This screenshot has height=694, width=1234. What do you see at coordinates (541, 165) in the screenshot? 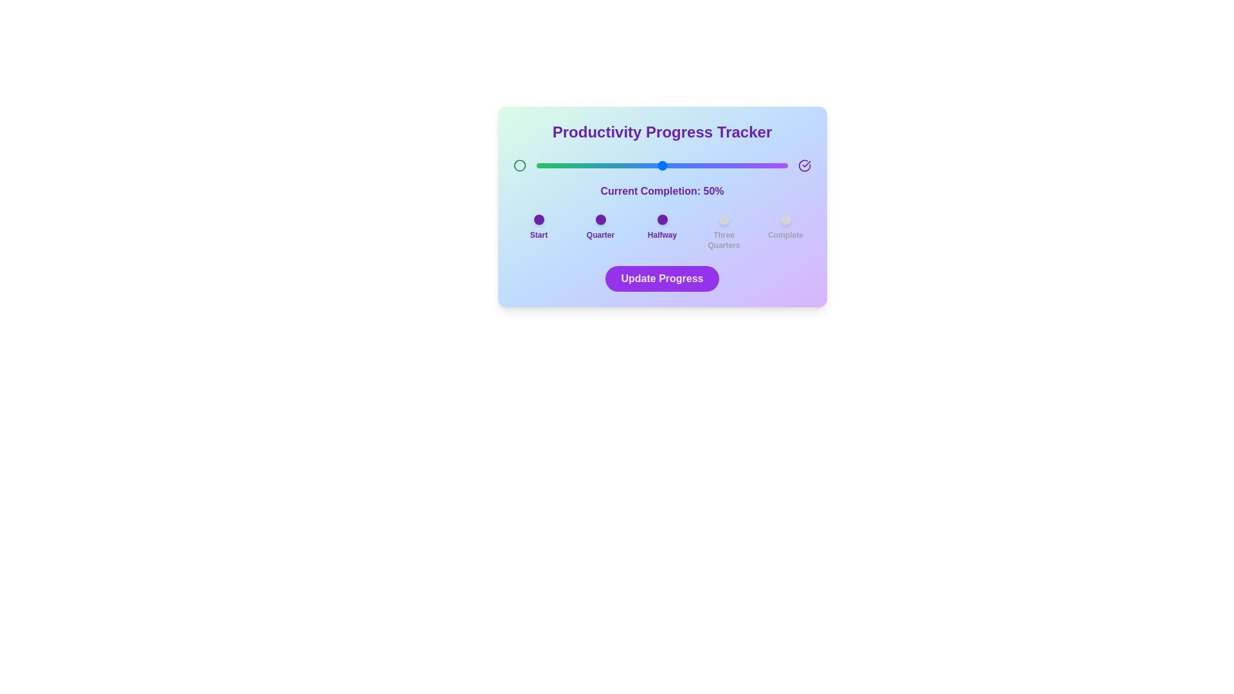
I see `the progress slider to 2%` at bounding box center [541, 165].